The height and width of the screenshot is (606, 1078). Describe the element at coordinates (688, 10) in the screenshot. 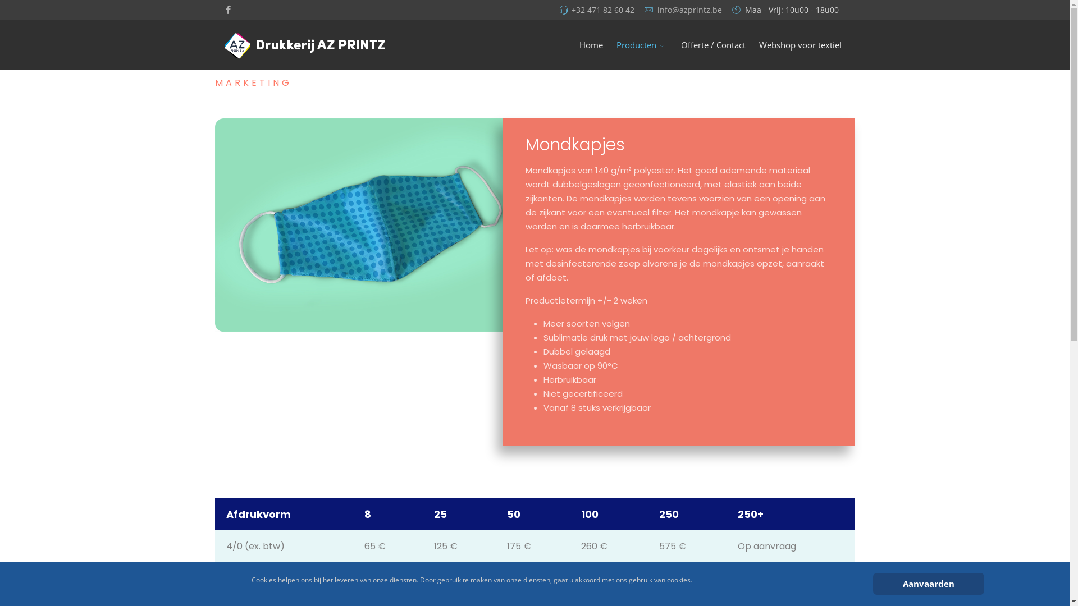

I see `'info@azprintz.be'` at that location.